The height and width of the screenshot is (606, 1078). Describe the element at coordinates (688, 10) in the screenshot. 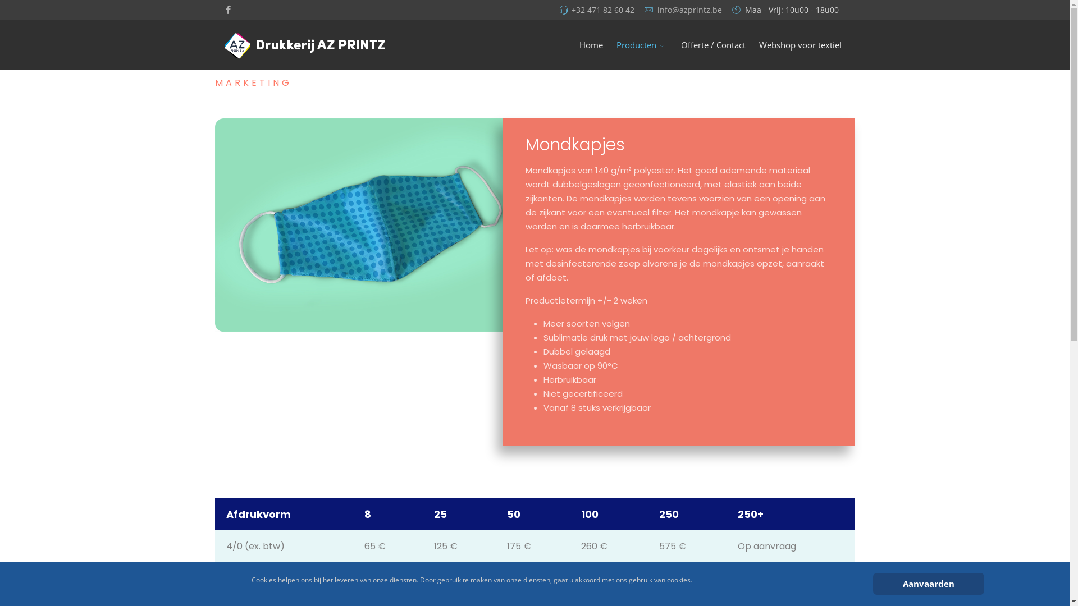

I see `'info@azprintz.be'` at that location.